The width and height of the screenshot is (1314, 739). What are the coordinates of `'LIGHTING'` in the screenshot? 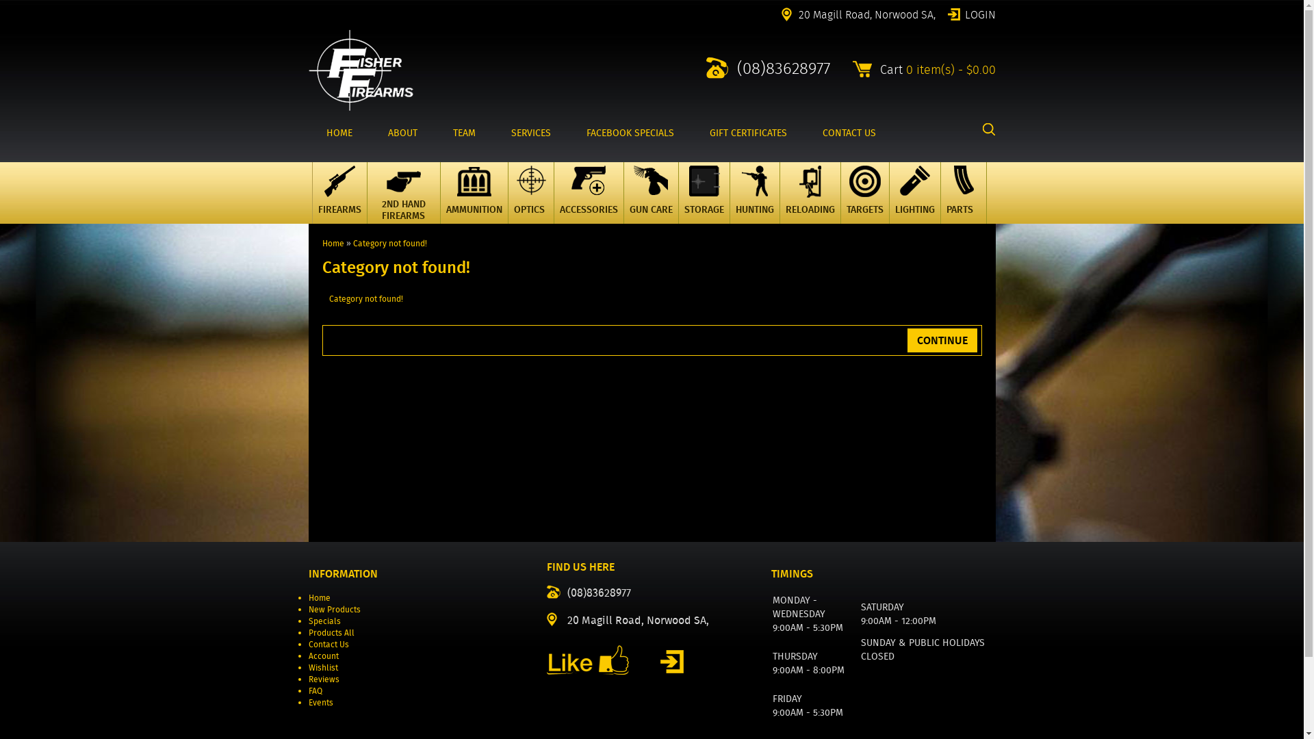 It's located at (914, 192).